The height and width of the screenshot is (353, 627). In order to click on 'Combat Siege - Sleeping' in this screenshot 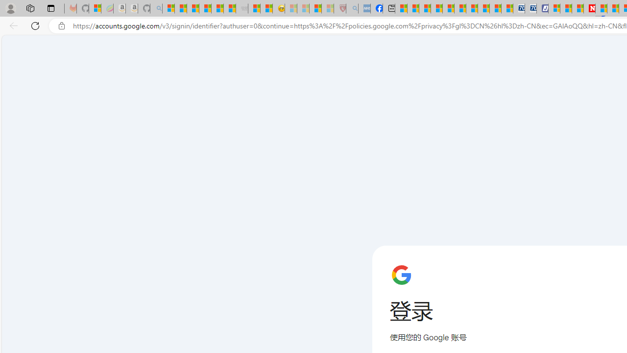, I will do `click(242, 8)`.